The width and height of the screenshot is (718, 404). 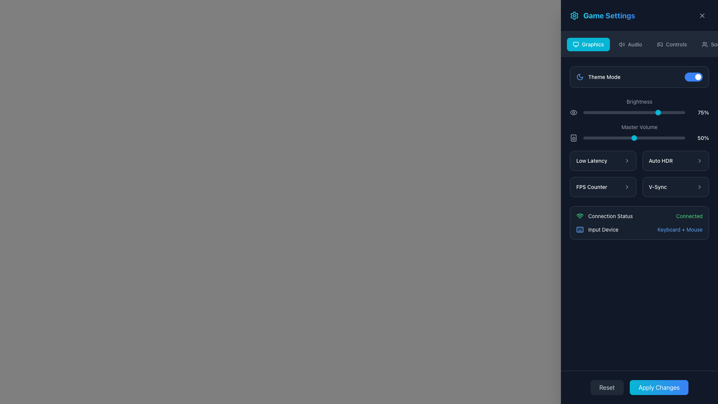 I want to click on the static text label displaying '75%' which indicates the current brightness level, located to the right of the brightness slider control, so click(x=700, y=112).